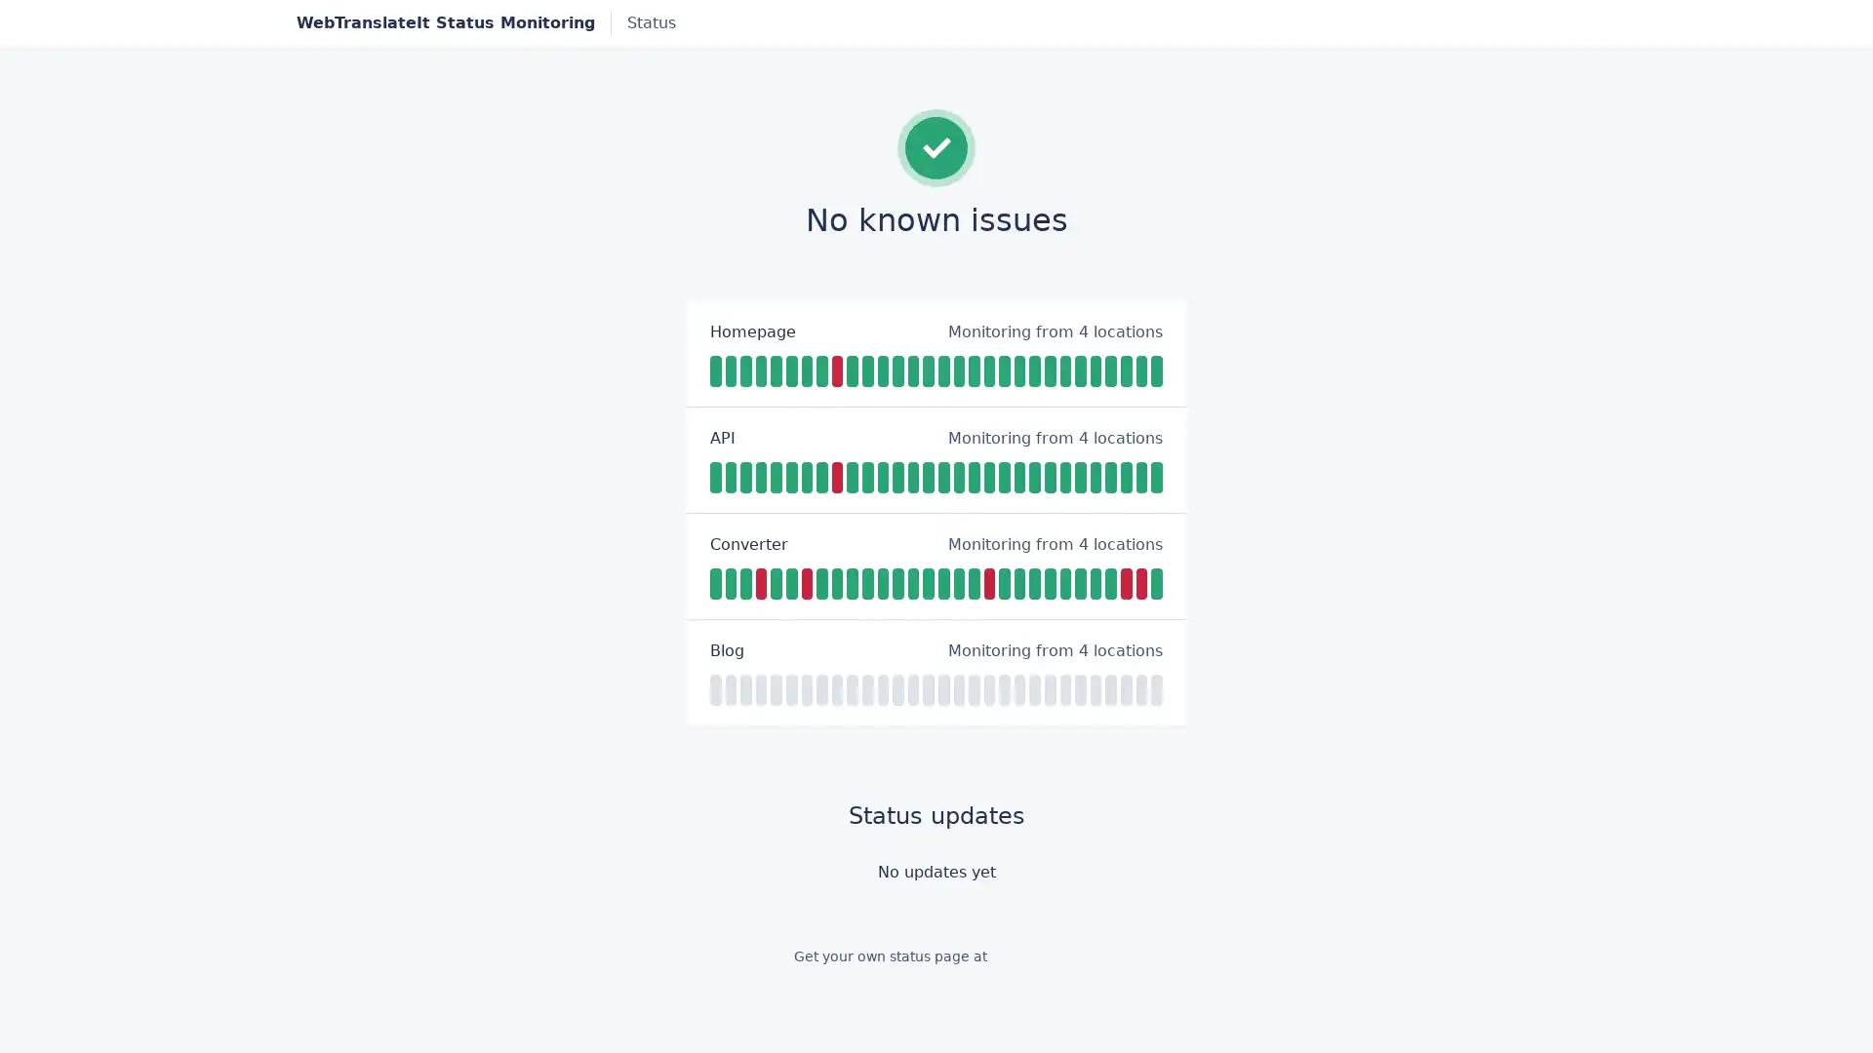  I want to click on API, so click(721, 436).